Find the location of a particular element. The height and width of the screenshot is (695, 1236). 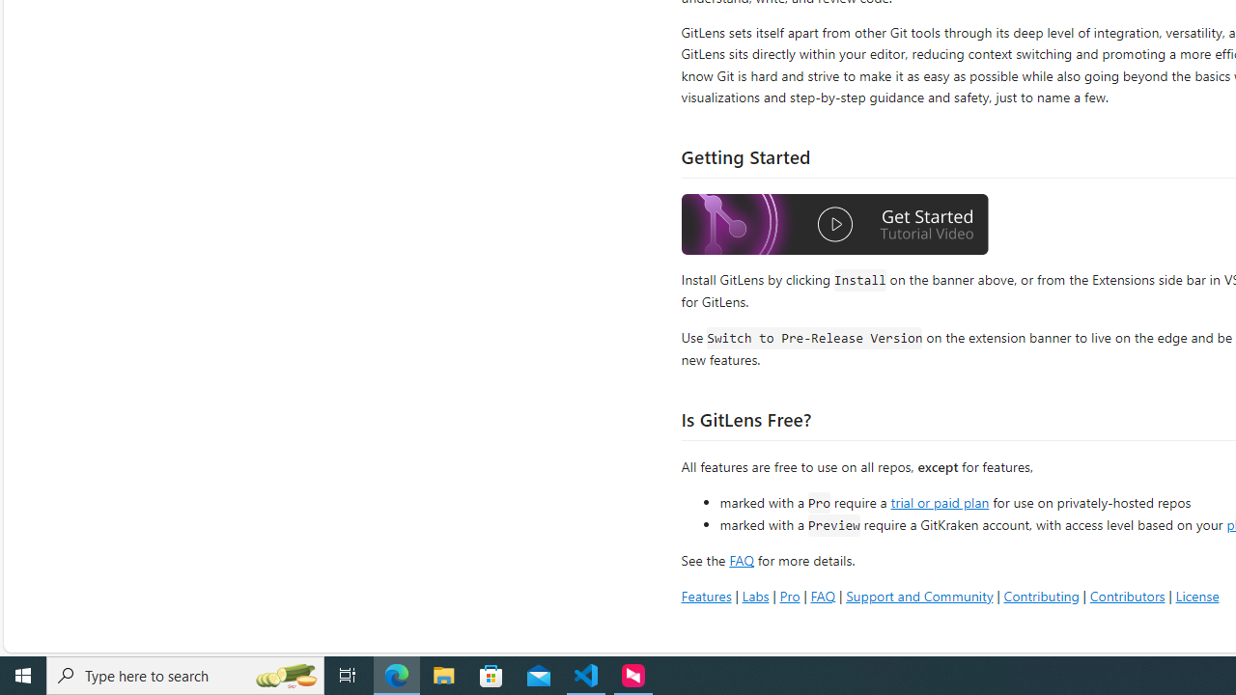

'Features' is located at coordinates (705, 595).